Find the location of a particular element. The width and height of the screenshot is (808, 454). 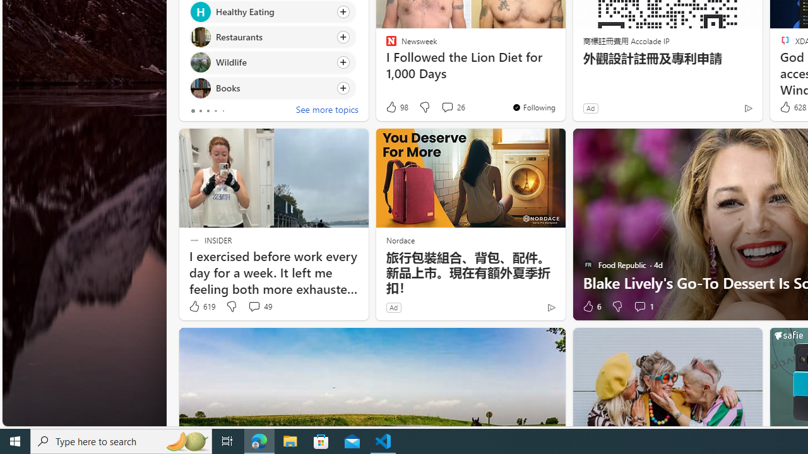

'tab-3' is located at coordinates (215, 110).